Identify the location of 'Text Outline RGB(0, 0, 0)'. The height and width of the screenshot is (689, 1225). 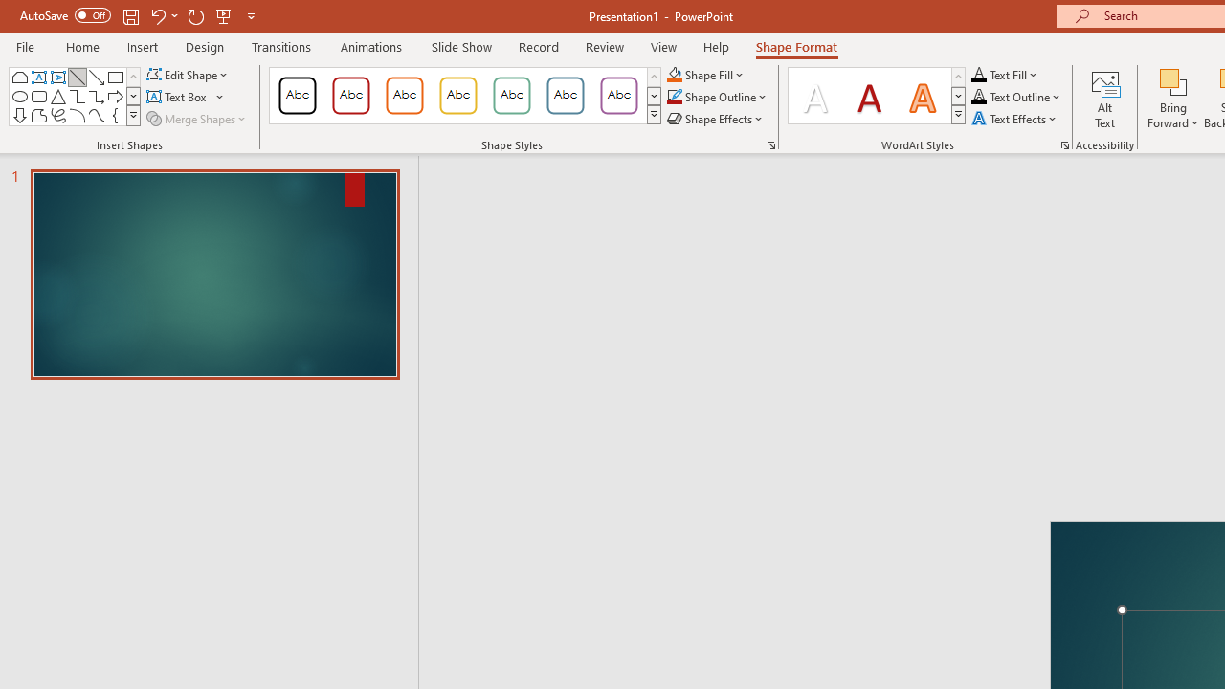
(979, 97).